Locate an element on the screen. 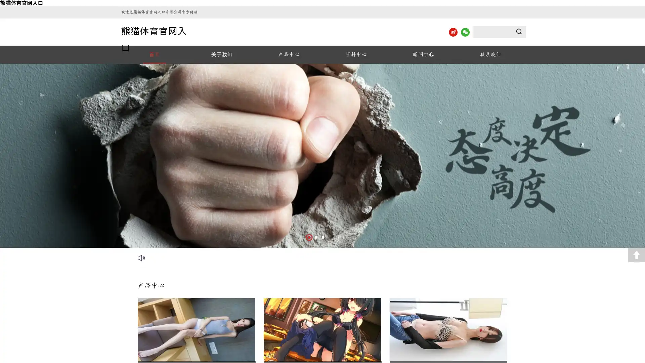  Submit is located at coordinates (519, 31).